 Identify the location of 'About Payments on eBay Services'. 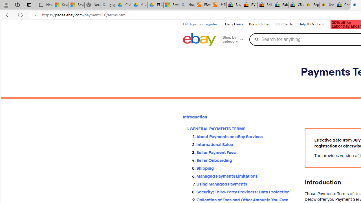
(246, 137).